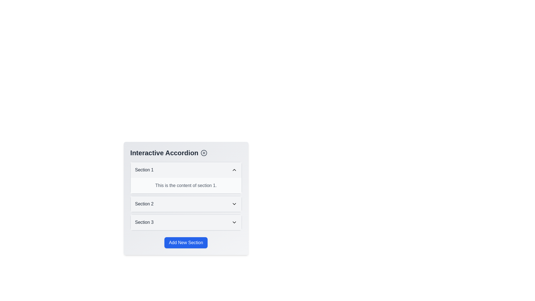 The width and height of the screenshot is (535, 301). I want to click on the static informational Text label for Section 1 within the accordion interface, which is centrally located in the expandable content area, so click(186, 186).